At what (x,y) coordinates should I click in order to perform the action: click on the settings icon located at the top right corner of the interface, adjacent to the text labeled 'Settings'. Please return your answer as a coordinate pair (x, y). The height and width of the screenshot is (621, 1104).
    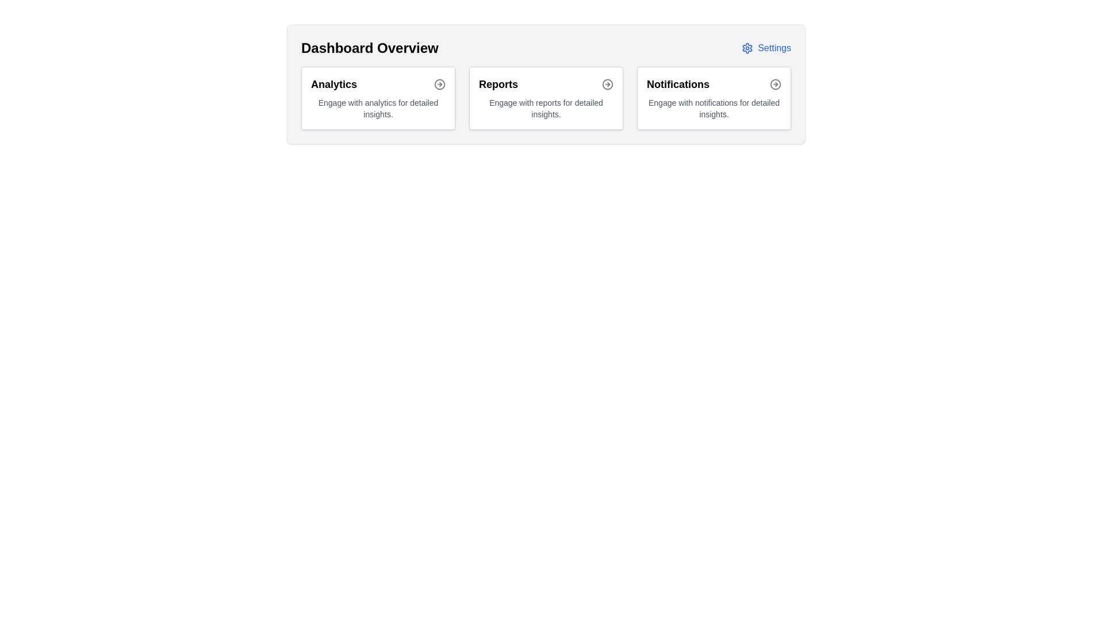
    Looking at the image, I should click on (747, 48).